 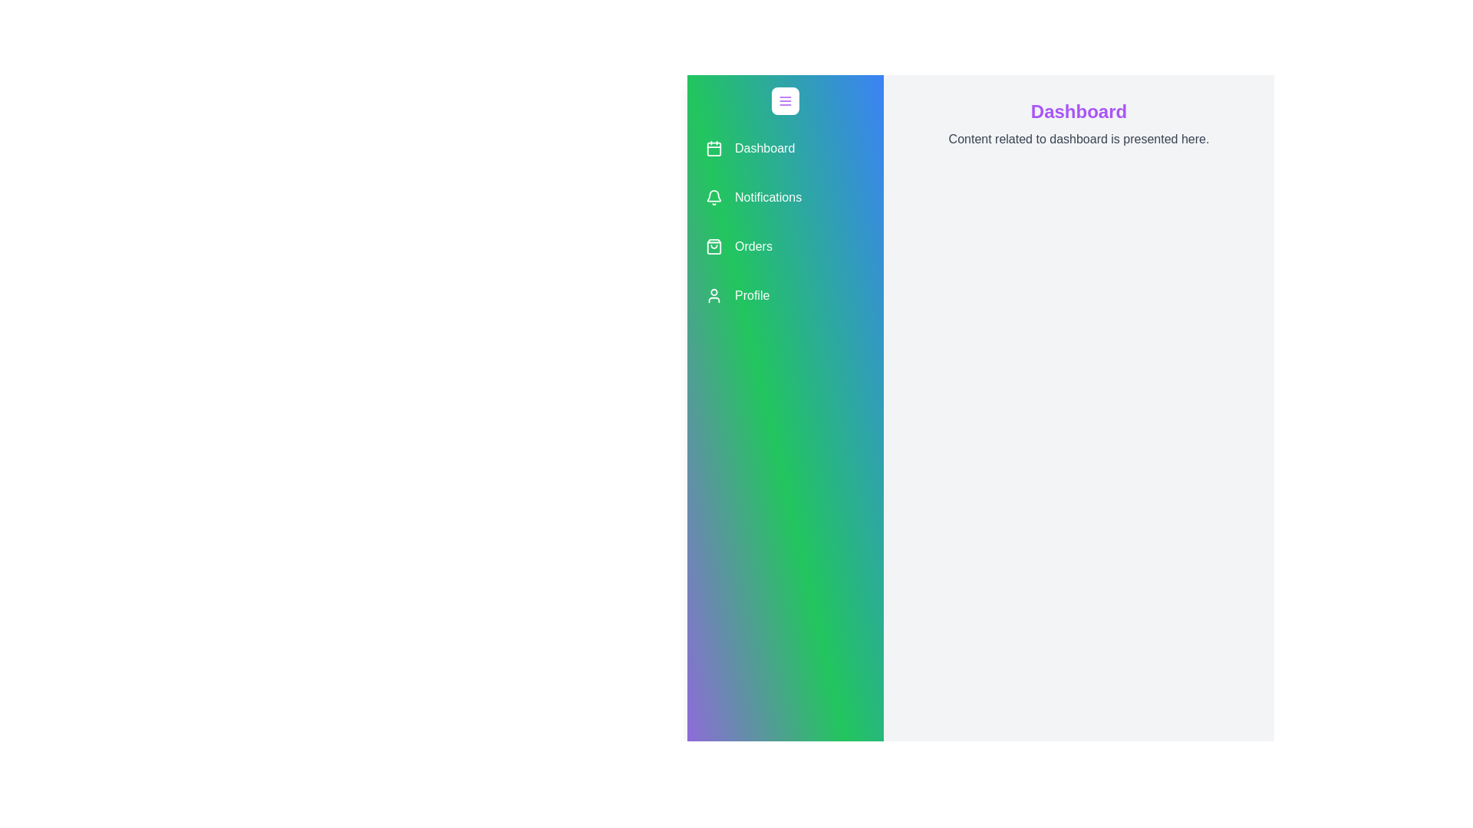 What do you see at coordinates (785, 148) in the screenshot?
I see `the menu item labeled 'Dashboard' to observe the hover effect` at bounding box center [785, 148].